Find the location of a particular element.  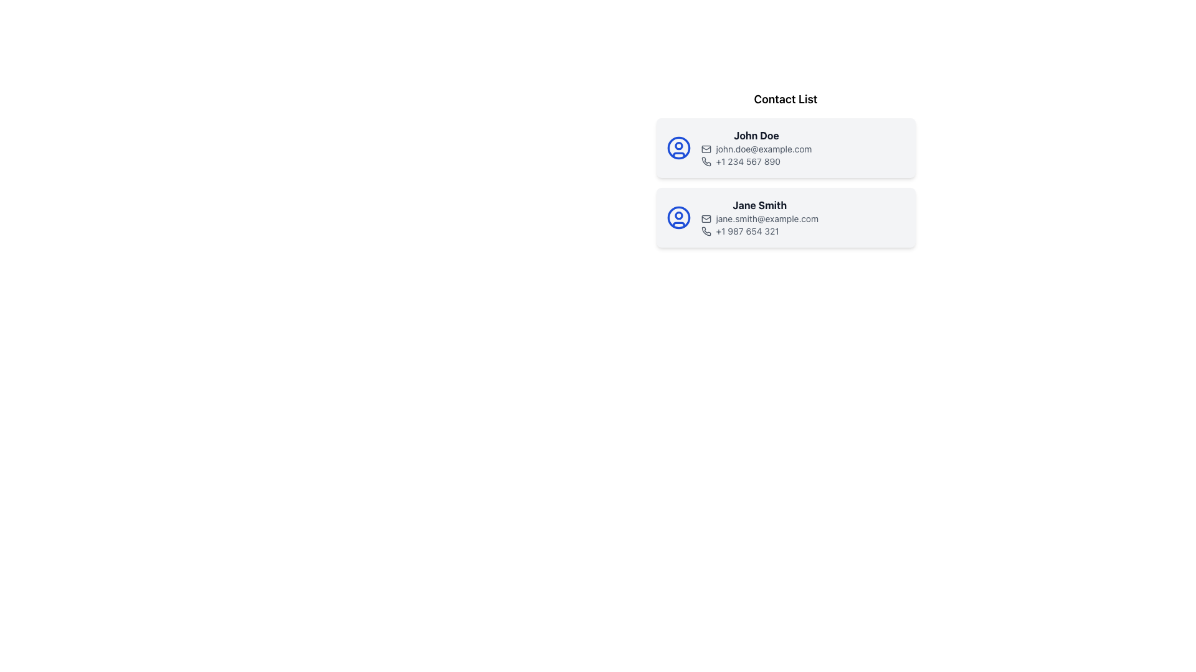

the envelope-shaped icon associated with the email for John Doe, which is located to the left of the email address 'john.doe@example.com' is located at coordinates (706, 148).